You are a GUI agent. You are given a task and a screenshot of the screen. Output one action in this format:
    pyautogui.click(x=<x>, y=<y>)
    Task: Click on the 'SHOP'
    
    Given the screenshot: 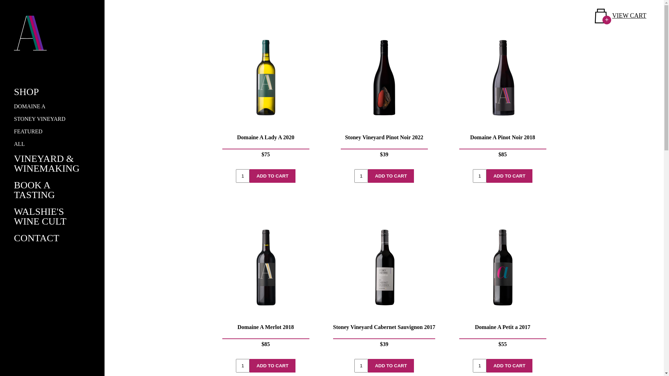 What is the action you would take?
    pyautogui.click(x=26, y=91)
    